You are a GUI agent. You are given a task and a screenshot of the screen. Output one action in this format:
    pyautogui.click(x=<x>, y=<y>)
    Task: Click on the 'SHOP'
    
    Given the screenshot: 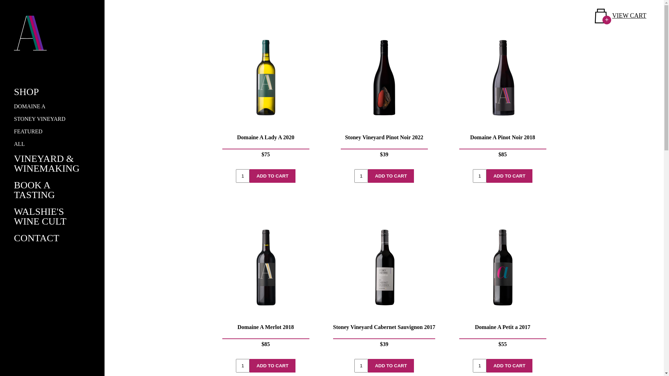 What is the action you would take?
    pyautogui.click(x=26, y=91)
    